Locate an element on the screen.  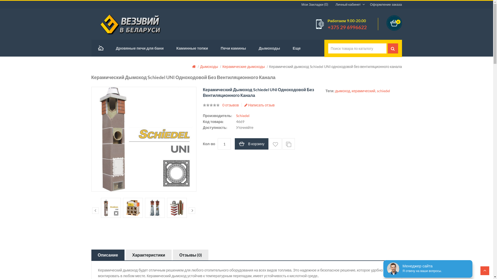
'+375 29 6996622' is located at coordinates (347, 27).